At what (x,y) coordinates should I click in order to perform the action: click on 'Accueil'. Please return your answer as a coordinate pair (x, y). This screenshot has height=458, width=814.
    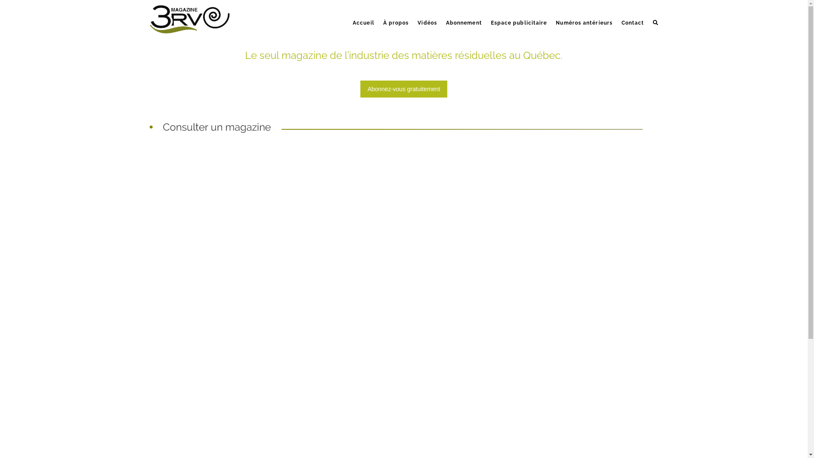
    Looking at the image, I should click on (363, 14).